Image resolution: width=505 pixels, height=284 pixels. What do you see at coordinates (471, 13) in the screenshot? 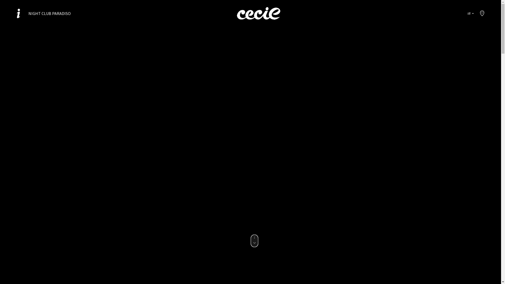
I see `'IT'` at bounding box center [471, 13].